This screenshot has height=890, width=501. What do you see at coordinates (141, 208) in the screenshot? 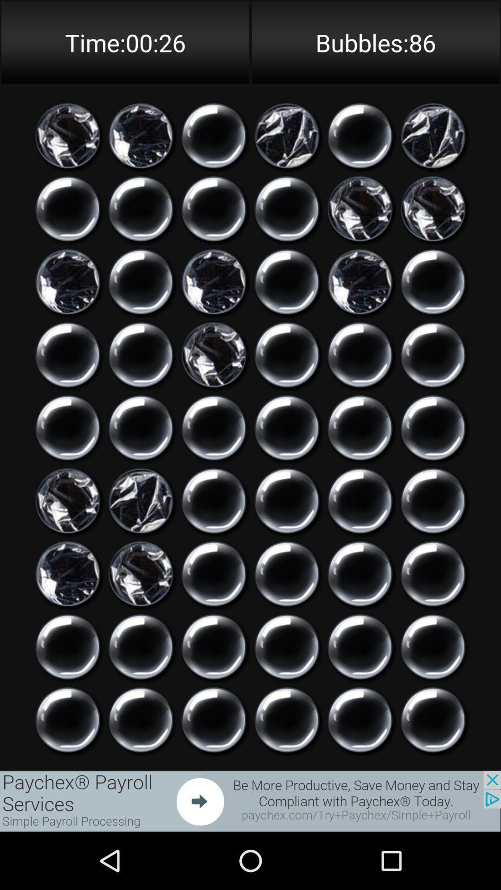
I see `pop a bubble` at bounding box center [141, 208].